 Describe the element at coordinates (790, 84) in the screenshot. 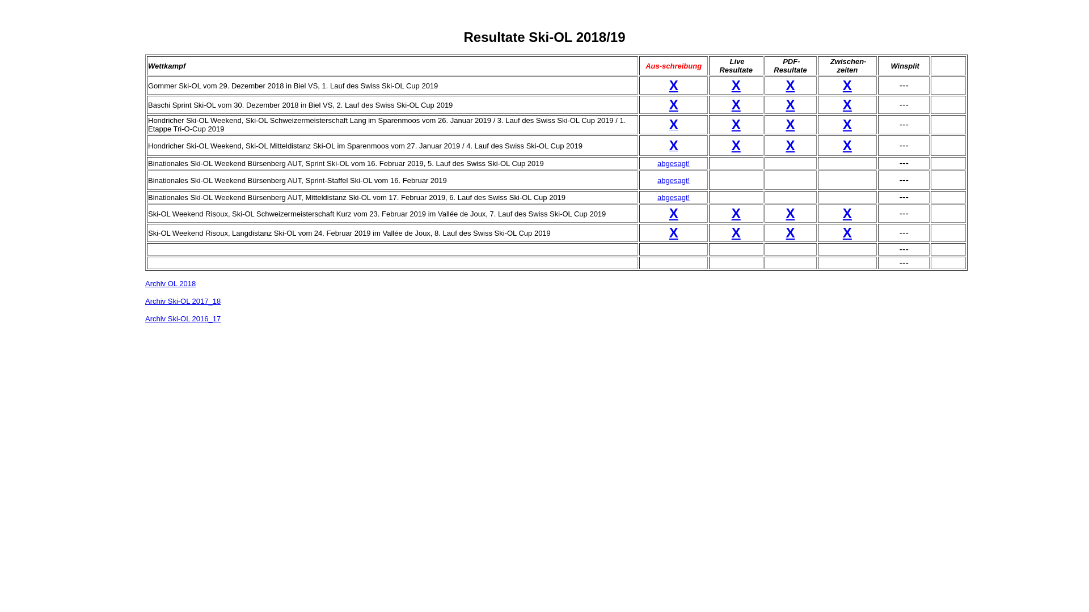

I see `'X'` at that location.